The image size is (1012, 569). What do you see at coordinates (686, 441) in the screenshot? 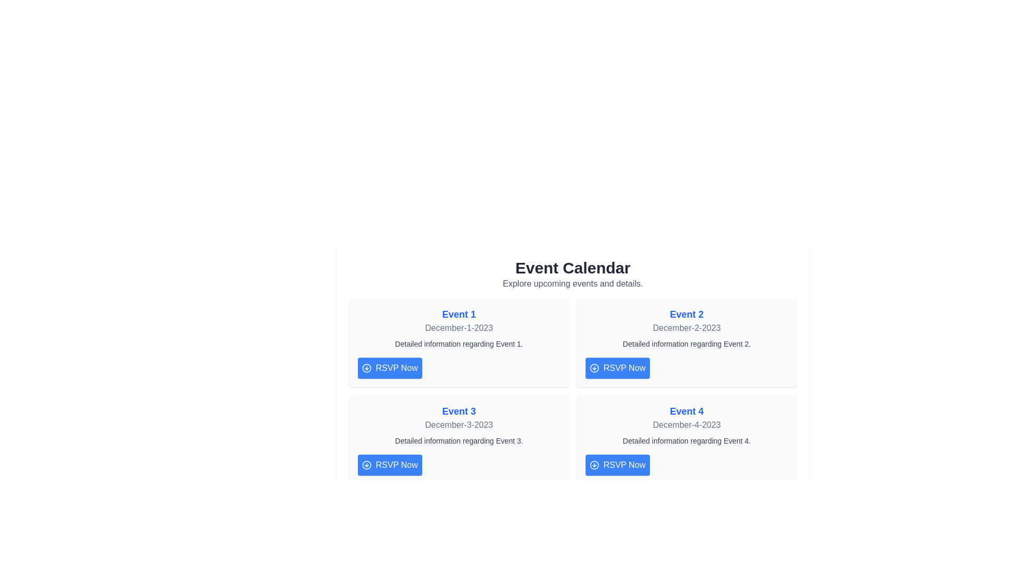
I see `informational text that provides details regarding 'Event 4', which is styled in a smaller gray font and located below the title and date, above the RSVP button` at bounding box center [686, 441].